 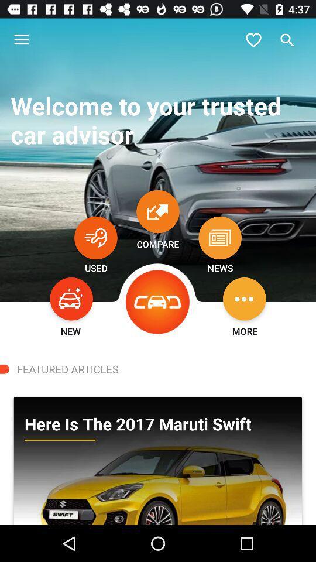 What do you see at coordinates (95, 237) in the screenshot?
I see `come back` at bounding box center [95, 237].